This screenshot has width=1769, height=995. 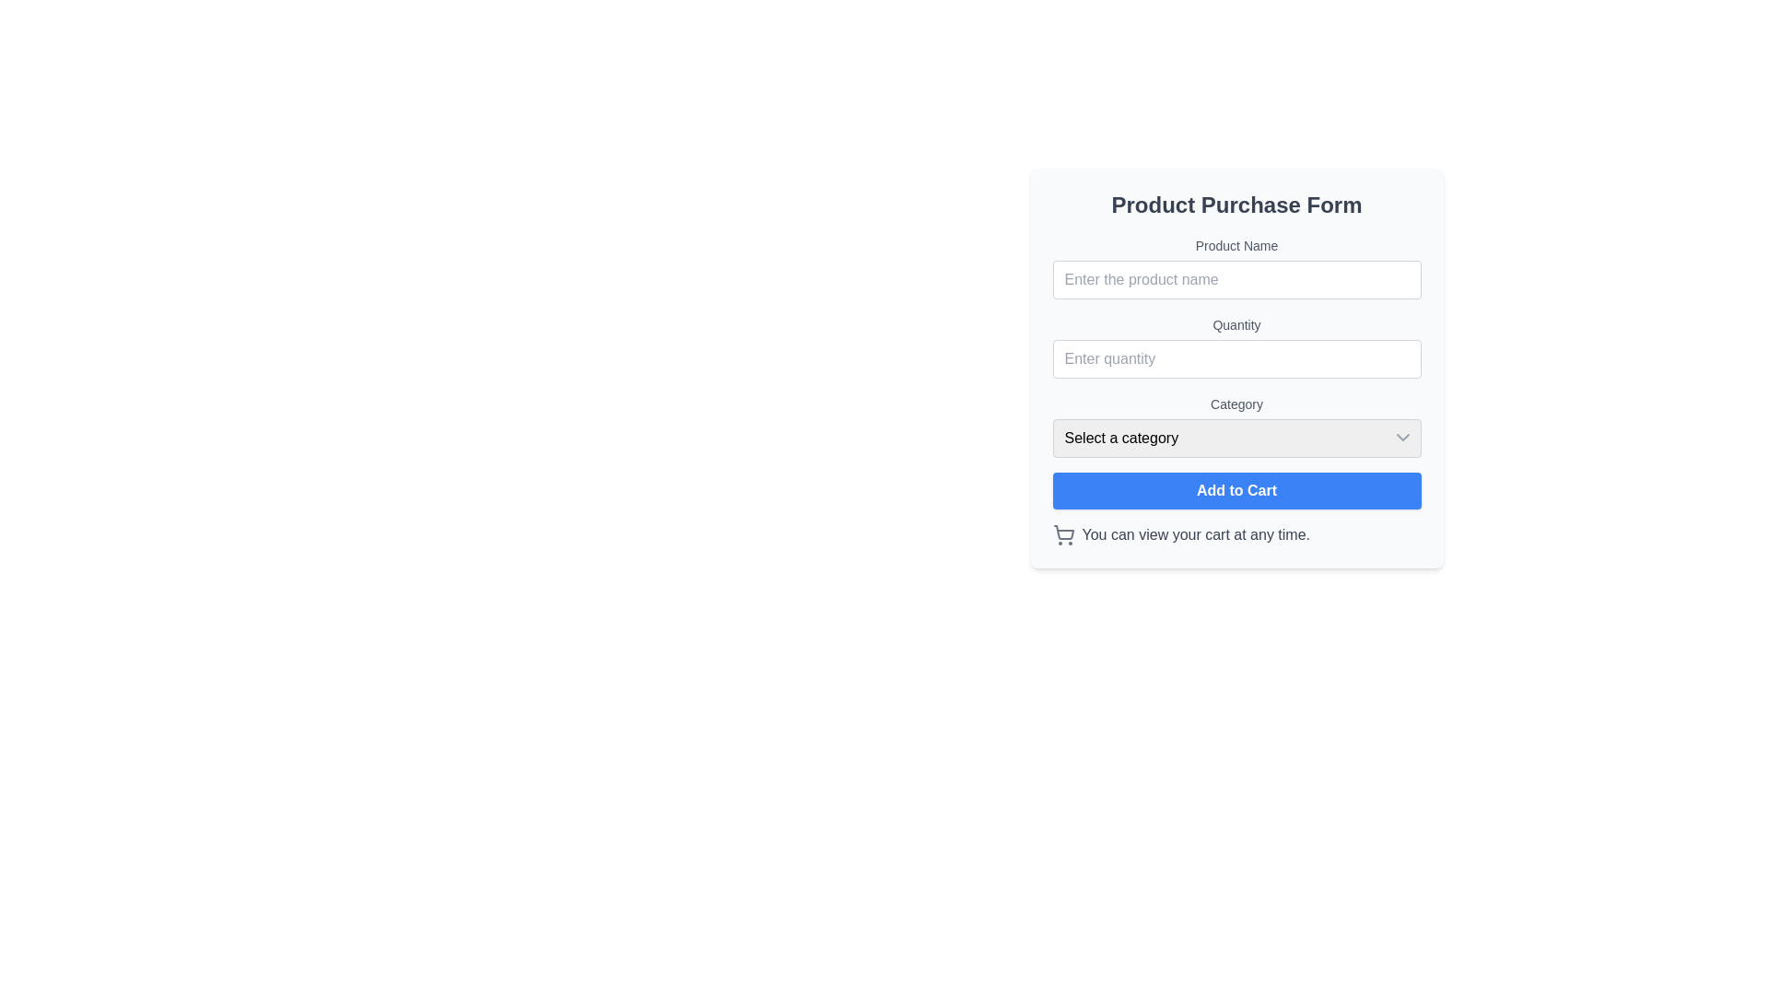 What do you see at coordinates (1236, 426) in the screenshot?
I see `the product category Dropdown menu located below the 'Quantity' input field and above the 'Add to Cart' button` at bounding box center [1236, 426].